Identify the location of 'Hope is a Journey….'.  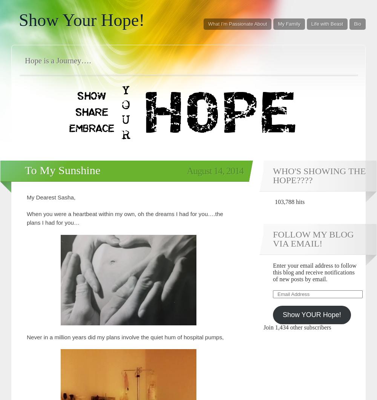
(58, 60).